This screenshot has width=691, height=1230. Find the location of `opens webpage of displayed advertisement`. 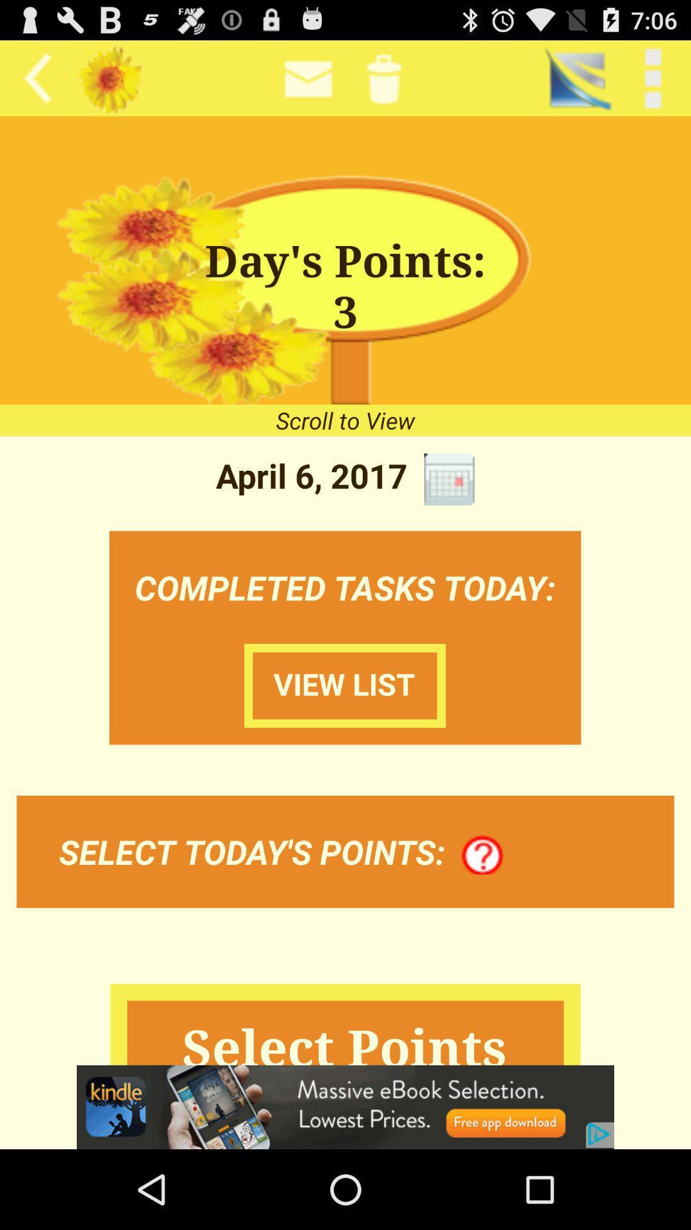

opens webpage of displayed advertisement is located at coordinates (345, 1106).